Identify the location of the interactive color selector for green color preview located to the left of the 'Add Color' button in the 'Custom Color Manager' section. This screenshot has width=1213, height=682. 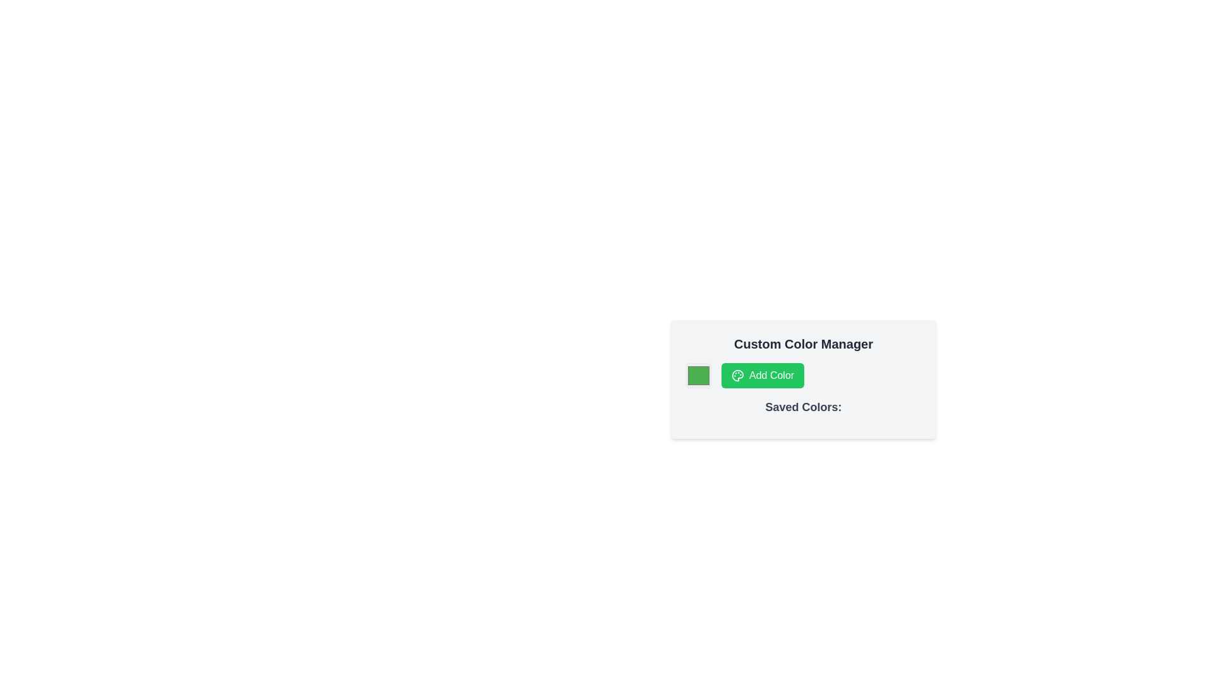
(697, 374).